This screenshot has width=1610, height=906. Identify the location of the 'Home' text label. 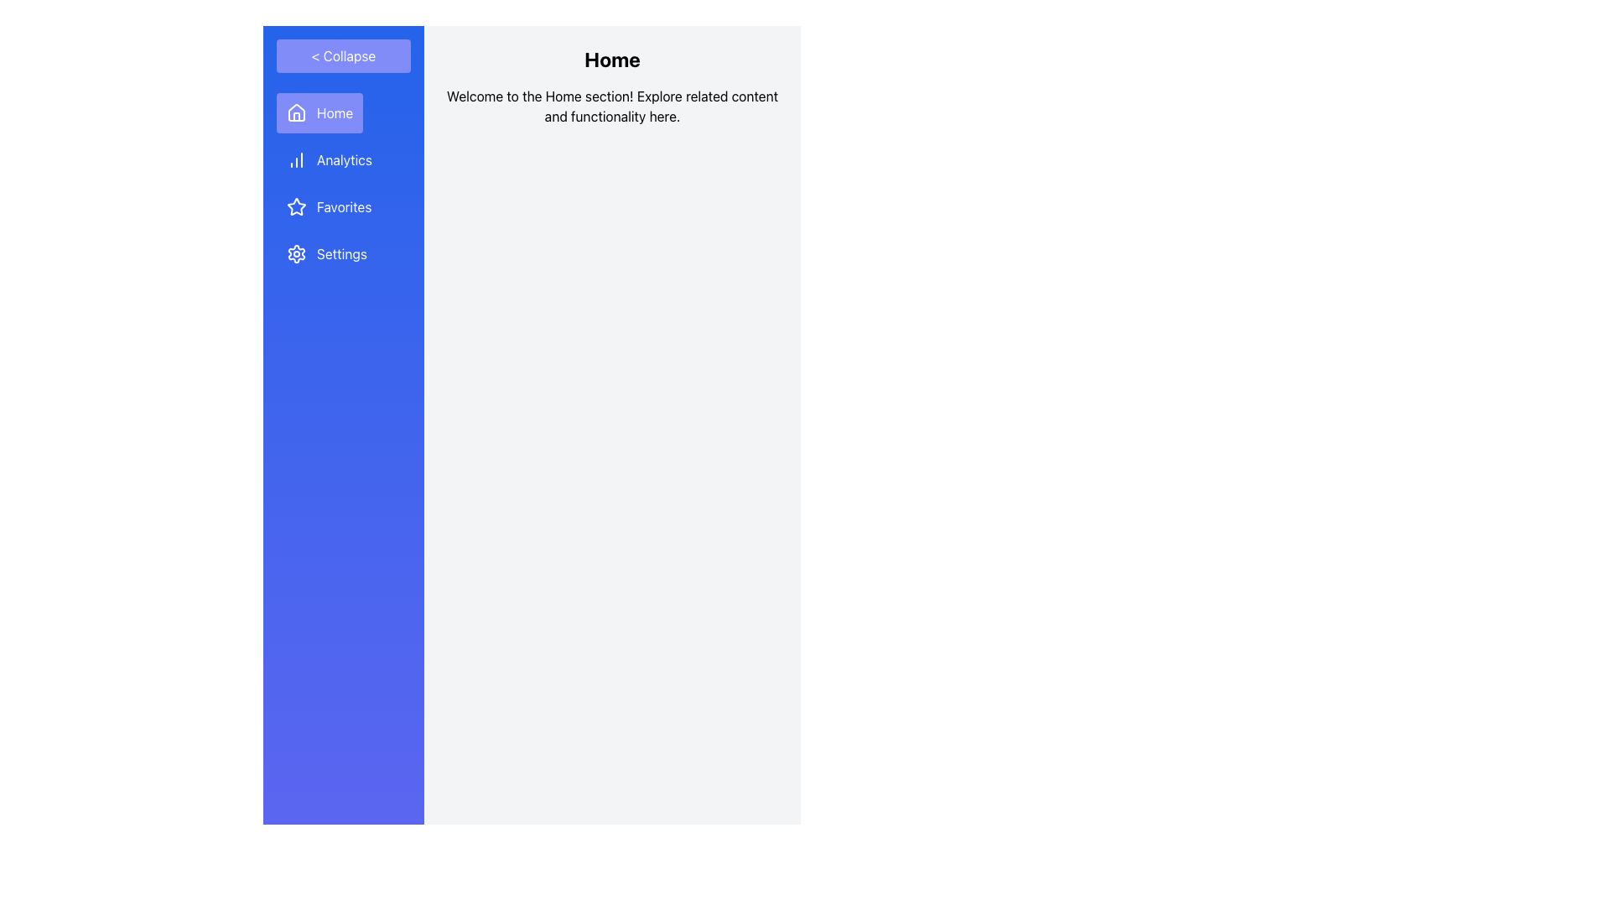
(335, 113).